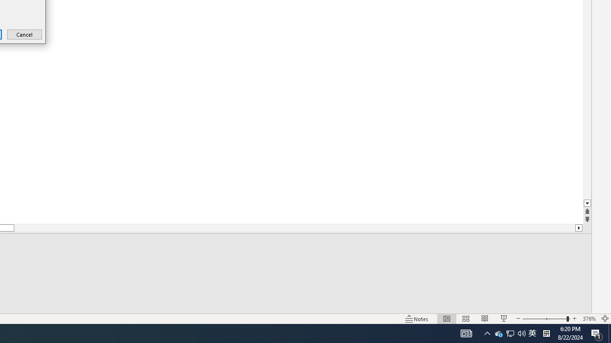 This screenshot has width=611, height=343. What do you see at coordinates (589, 319) in the screenshot?
I see `'Zoom 376%'` at bounding box center [589, 319].